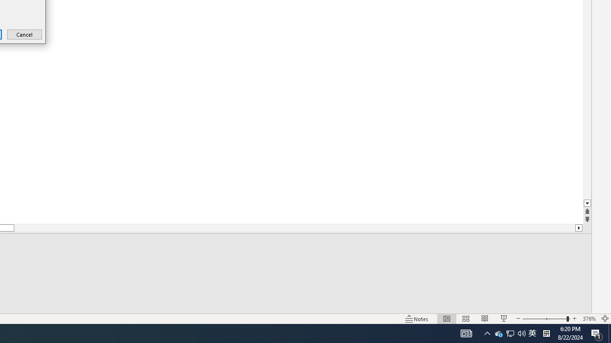 This screenshot has width=611, height=343. What do you see at coordinates (589, 319) in the screenshot?
I see `'Zoom 376%'` at bounding box center [589, 319].